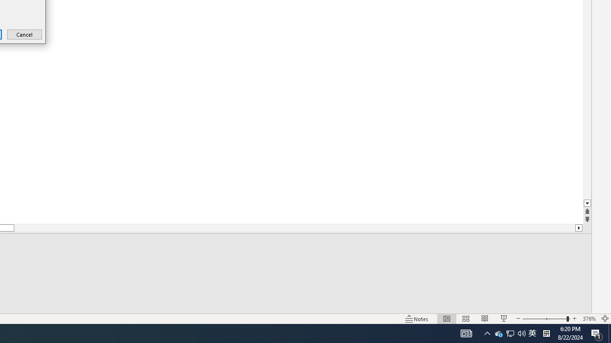 This screenshot has width=611, height=343. What do you see at coordinates (589, 319) in the screenshot?
I see `'Zoom 376%'` at bounding box center [589, 319].